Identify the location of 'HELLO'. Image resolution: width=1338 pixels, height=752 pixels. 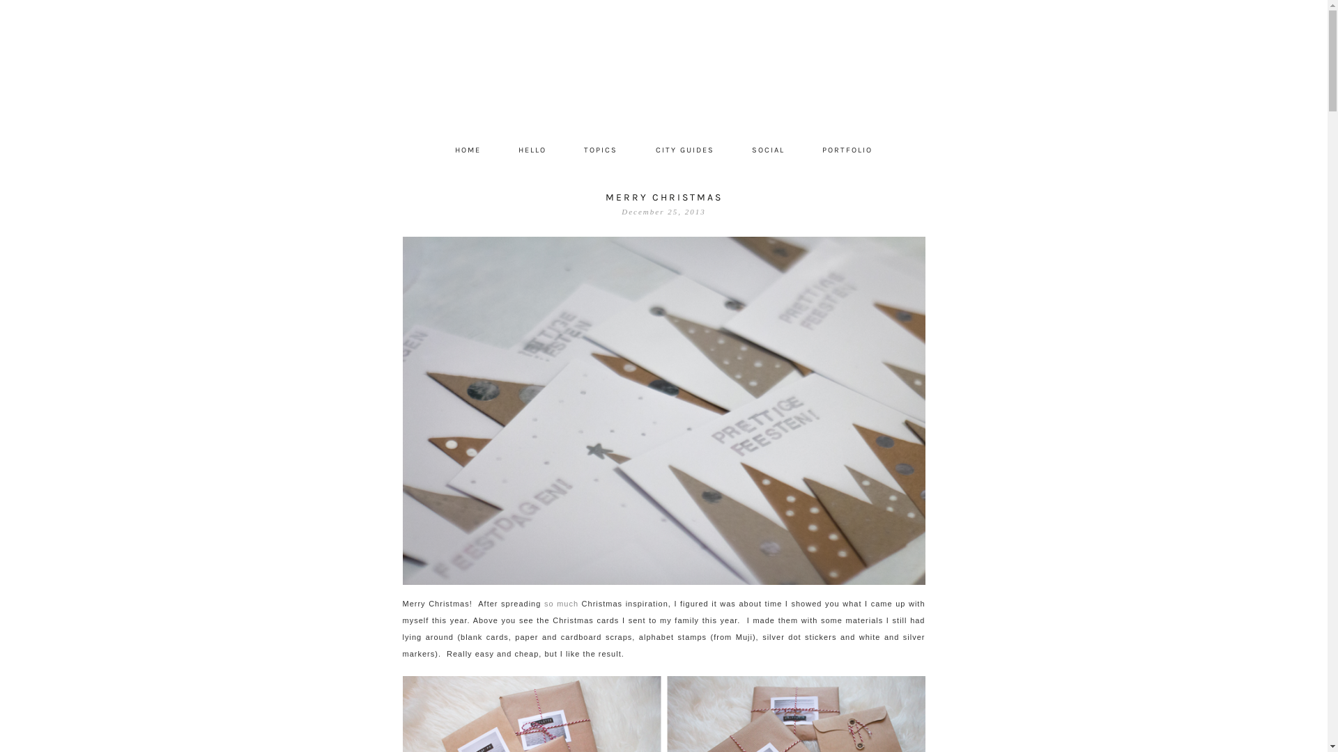
(531, 150).